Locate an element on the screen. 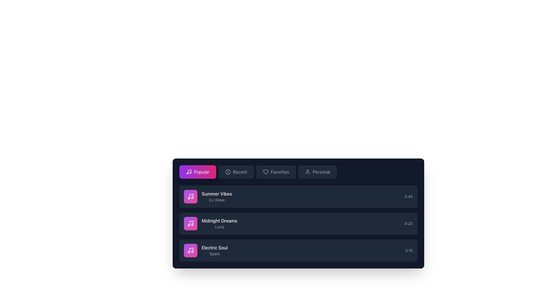 The height and width of the screenshot is (303, 539). the text label displaying '3:15', which is the rightmost component in the highlighted row for the song 'Electric Soul' is located at coordinates (409, 250).